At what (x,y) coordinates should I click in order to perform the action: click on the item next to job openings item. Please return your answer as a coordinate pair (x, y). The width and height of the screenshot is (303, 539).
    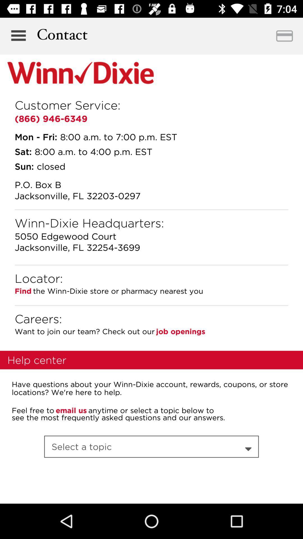
    Looking at the image, I should click on (38, 319).